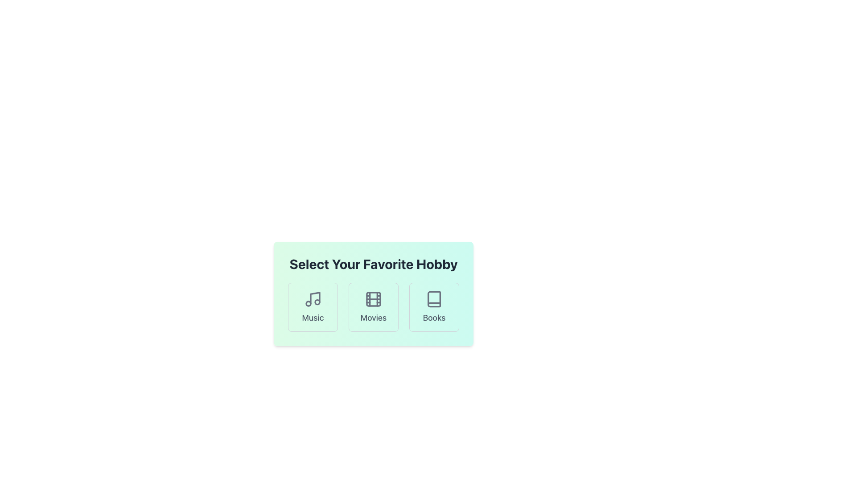  Describe the element at coordinates (313, 317) in the screenshot. I see `the 'Music' text label located at the bottom-center of the 'Select Your Favorite Hobby' options, positioned beneath the music note icon` at that location.